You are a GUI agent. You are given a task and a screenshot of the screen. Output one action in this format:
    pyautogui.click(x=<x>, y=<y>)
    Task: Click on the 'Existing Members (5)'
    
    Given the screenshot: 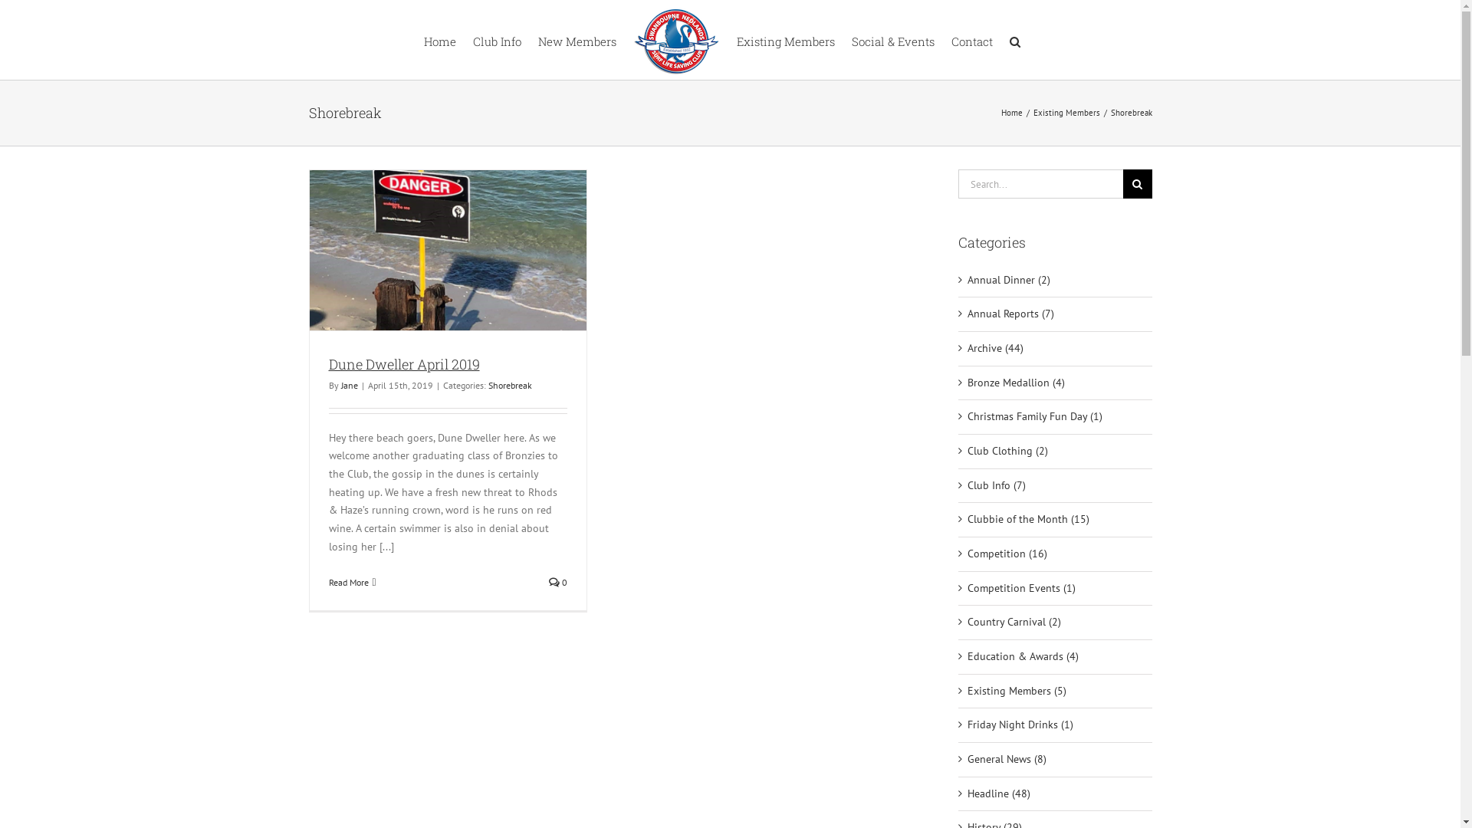 What is the action you would take?
    pyautogui.click(x=1055, y=692)
    